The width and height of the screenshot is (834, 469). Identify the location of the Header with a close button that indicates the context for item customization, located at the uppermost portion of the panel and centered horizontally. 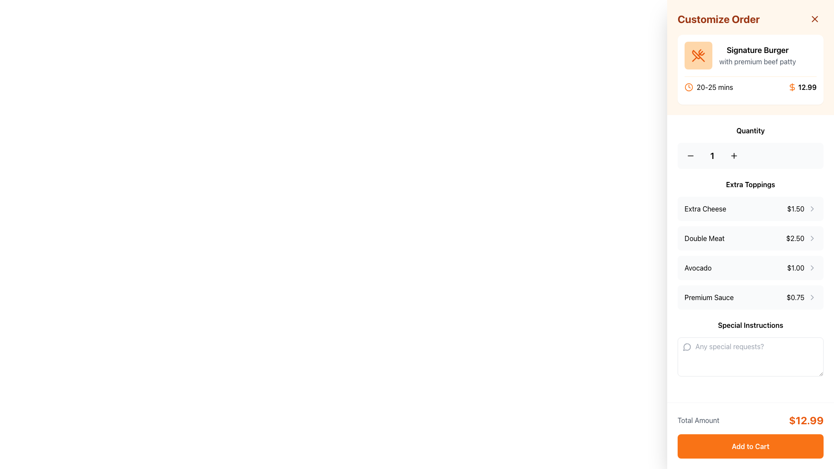
(750, 19).